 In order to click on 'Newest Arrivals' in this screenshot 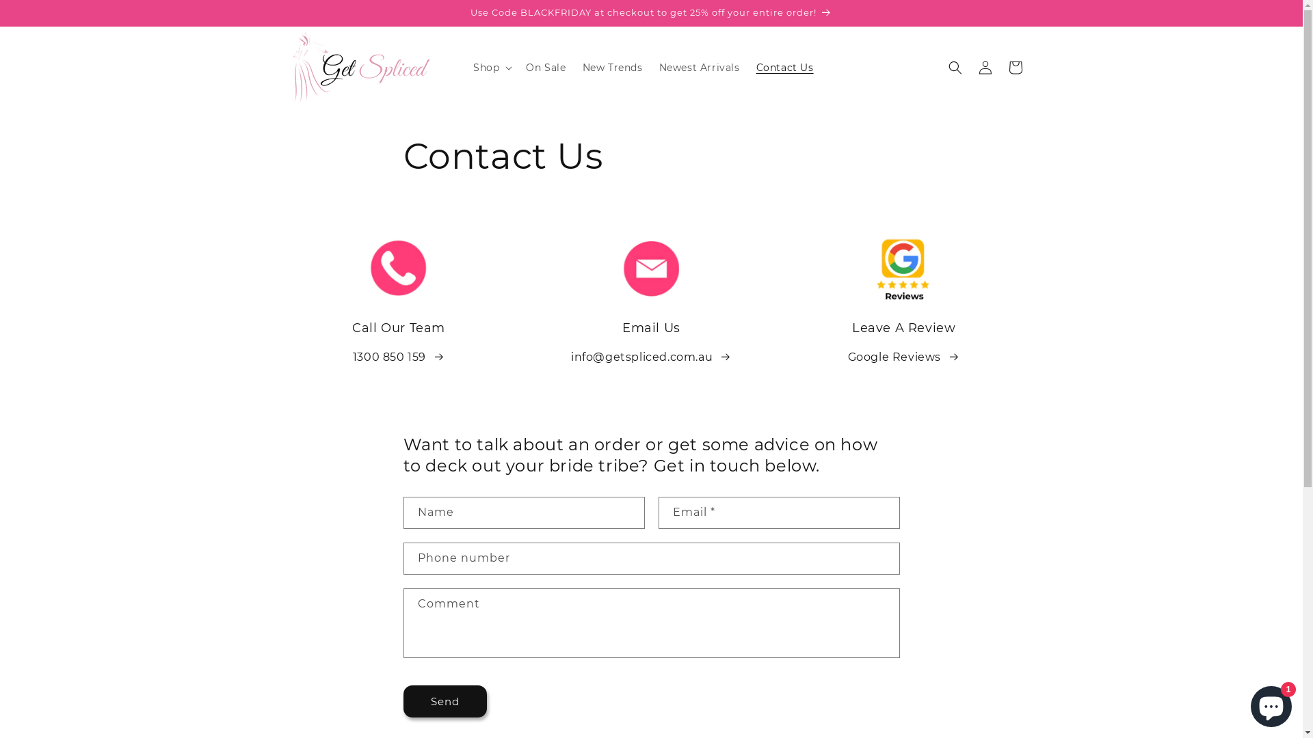, I will do `click(699, 68)`.